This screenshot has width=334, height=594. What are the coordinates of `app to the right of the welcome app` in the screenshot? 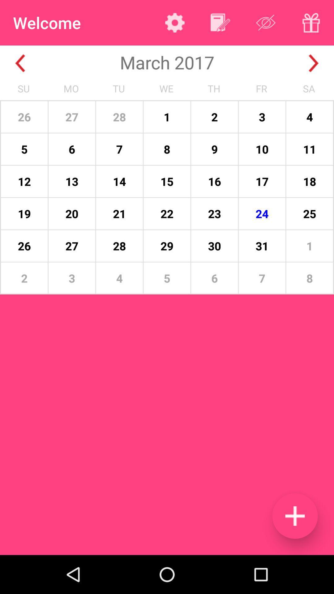 It's located at (175, 23).